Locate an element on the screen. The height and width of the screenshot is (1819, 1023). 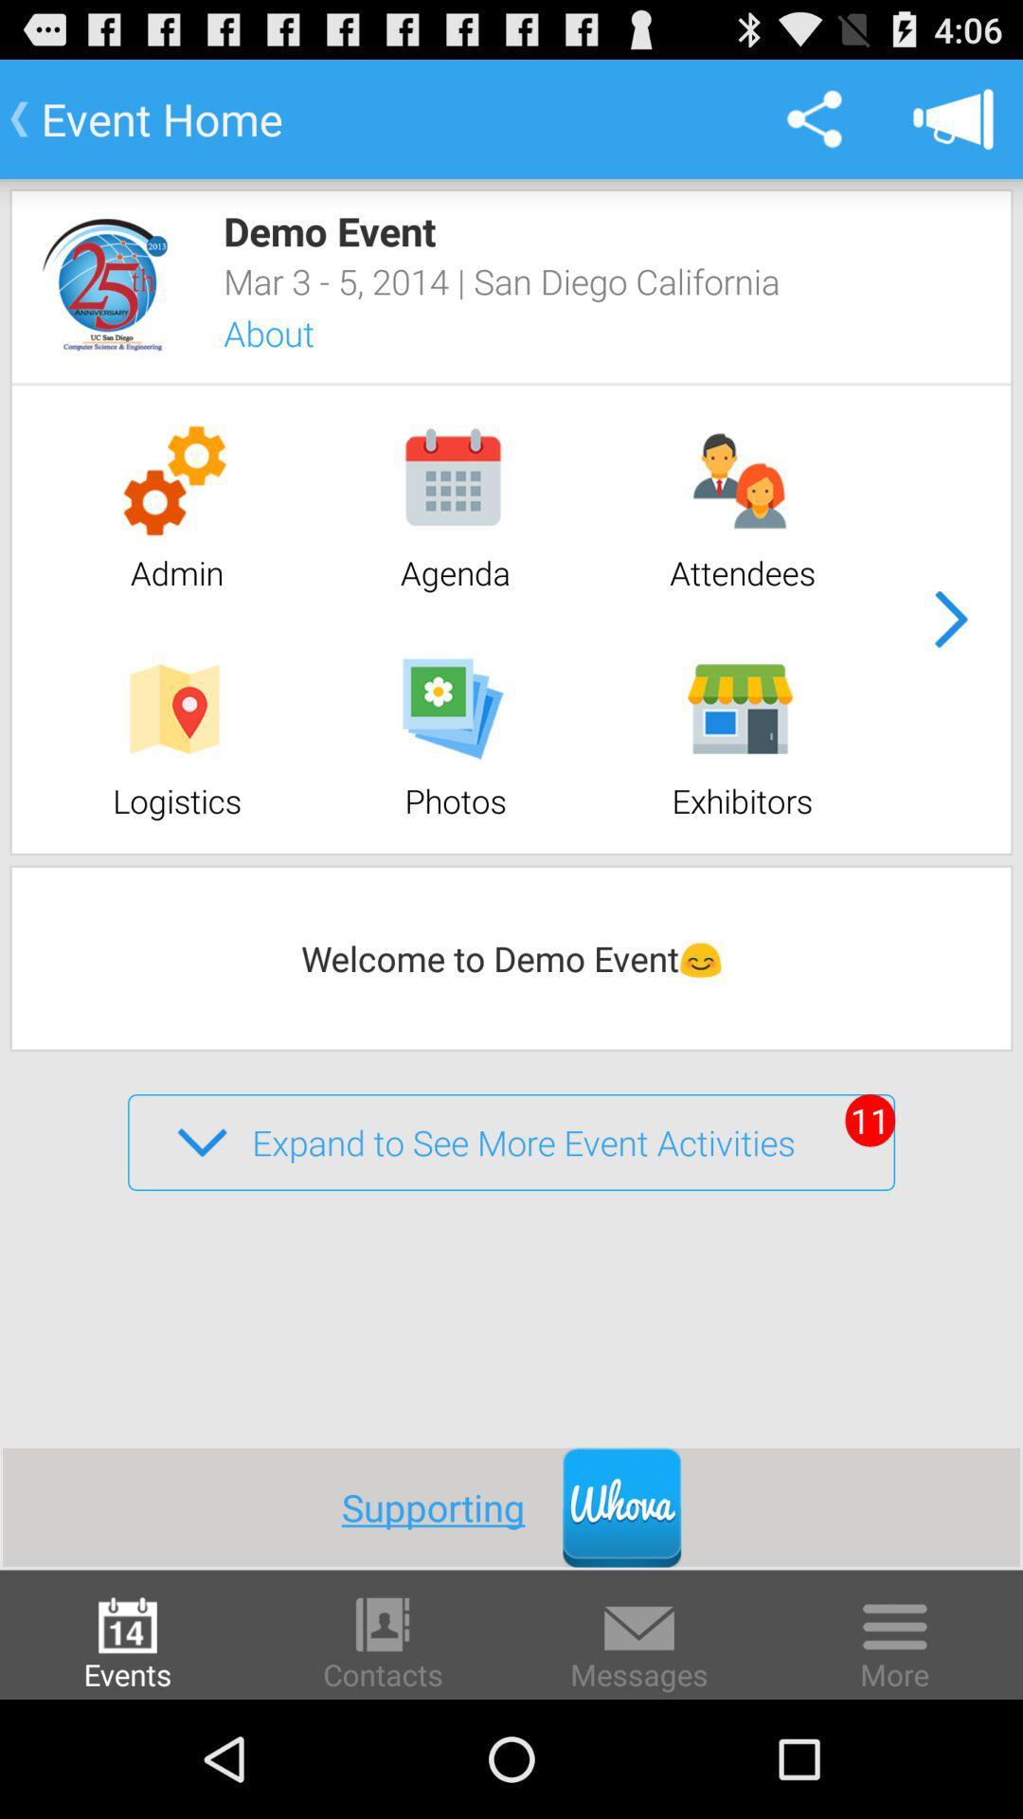
the item to the right of event home is located at coordinates (813, 117).